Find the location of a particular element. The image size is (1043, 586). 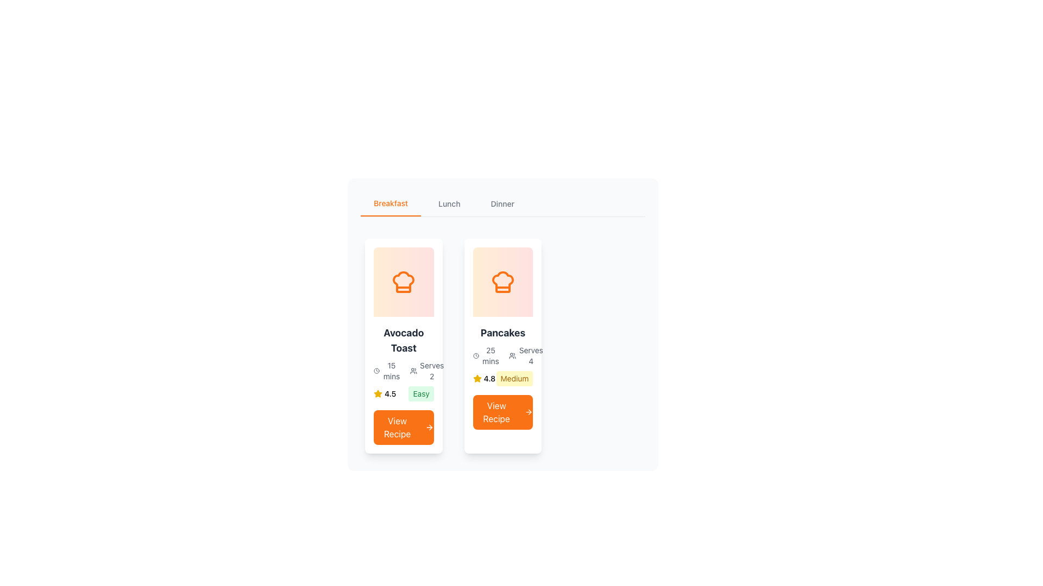

the 'Dinner' tab in the horizontal navigation bar to switch categories is located at coordinates (502, 203).